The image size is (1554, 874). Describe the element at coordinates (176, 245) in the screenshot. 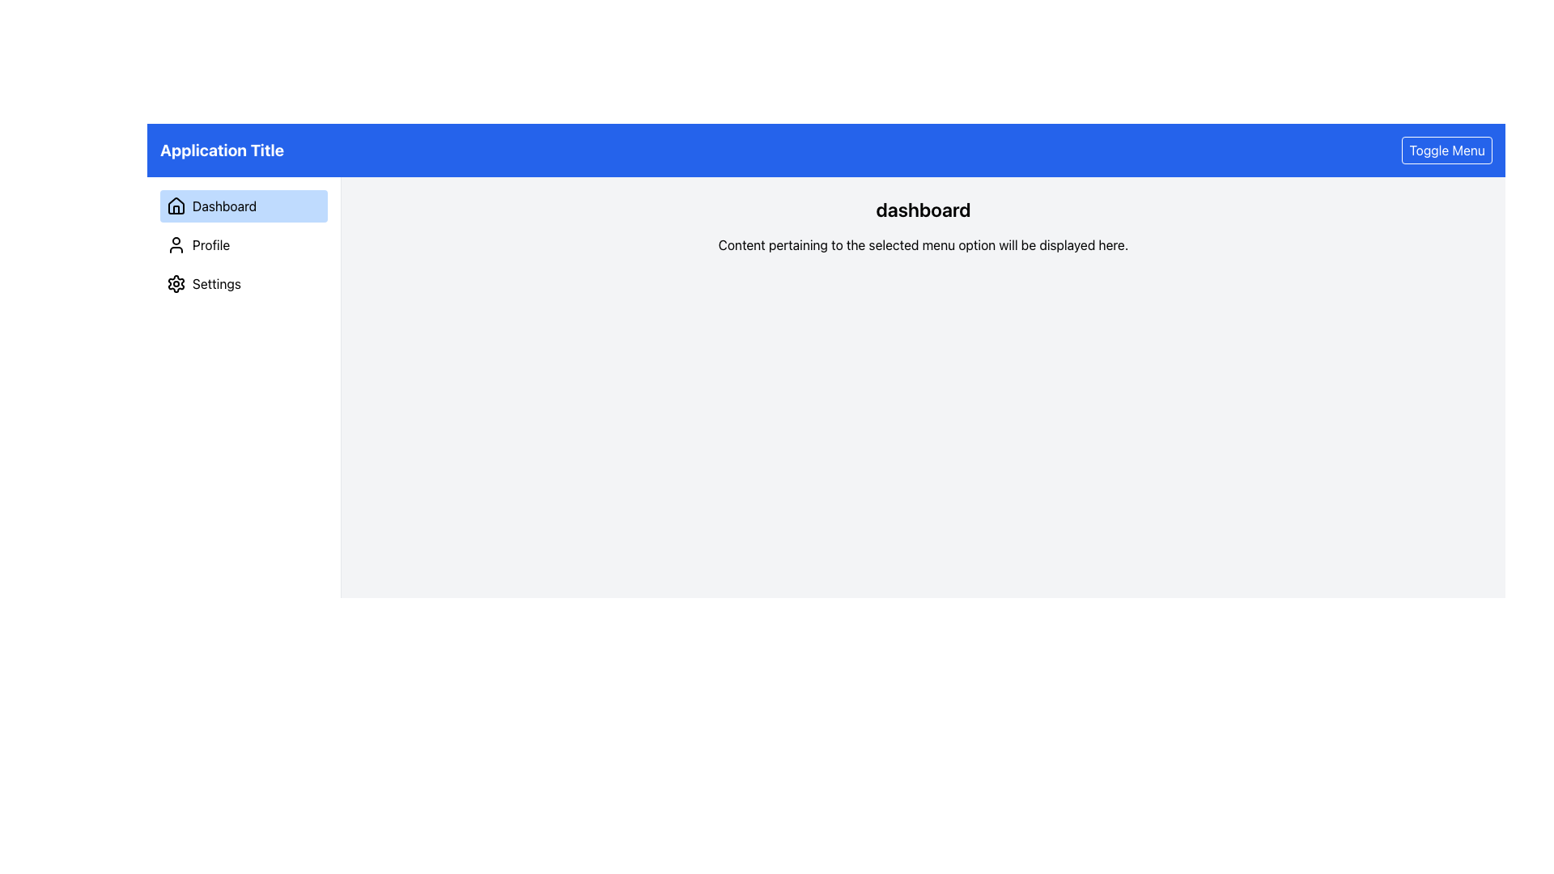

I see `the 'Profile' icon located` at that location.